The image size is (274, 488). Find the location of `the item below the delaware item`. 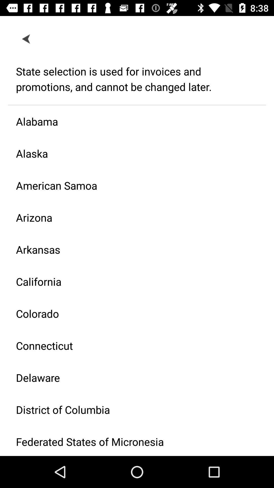

the item below the delaware item is located at coordinates (133, 409).